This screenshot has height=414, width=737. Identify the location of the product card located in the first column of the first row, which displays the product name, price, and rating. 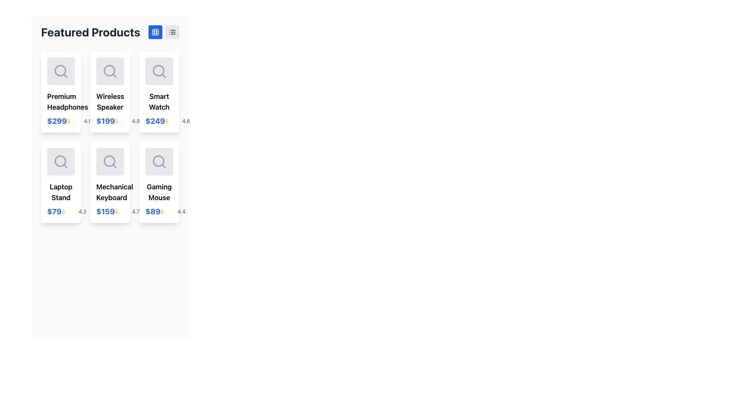
(60, 91).